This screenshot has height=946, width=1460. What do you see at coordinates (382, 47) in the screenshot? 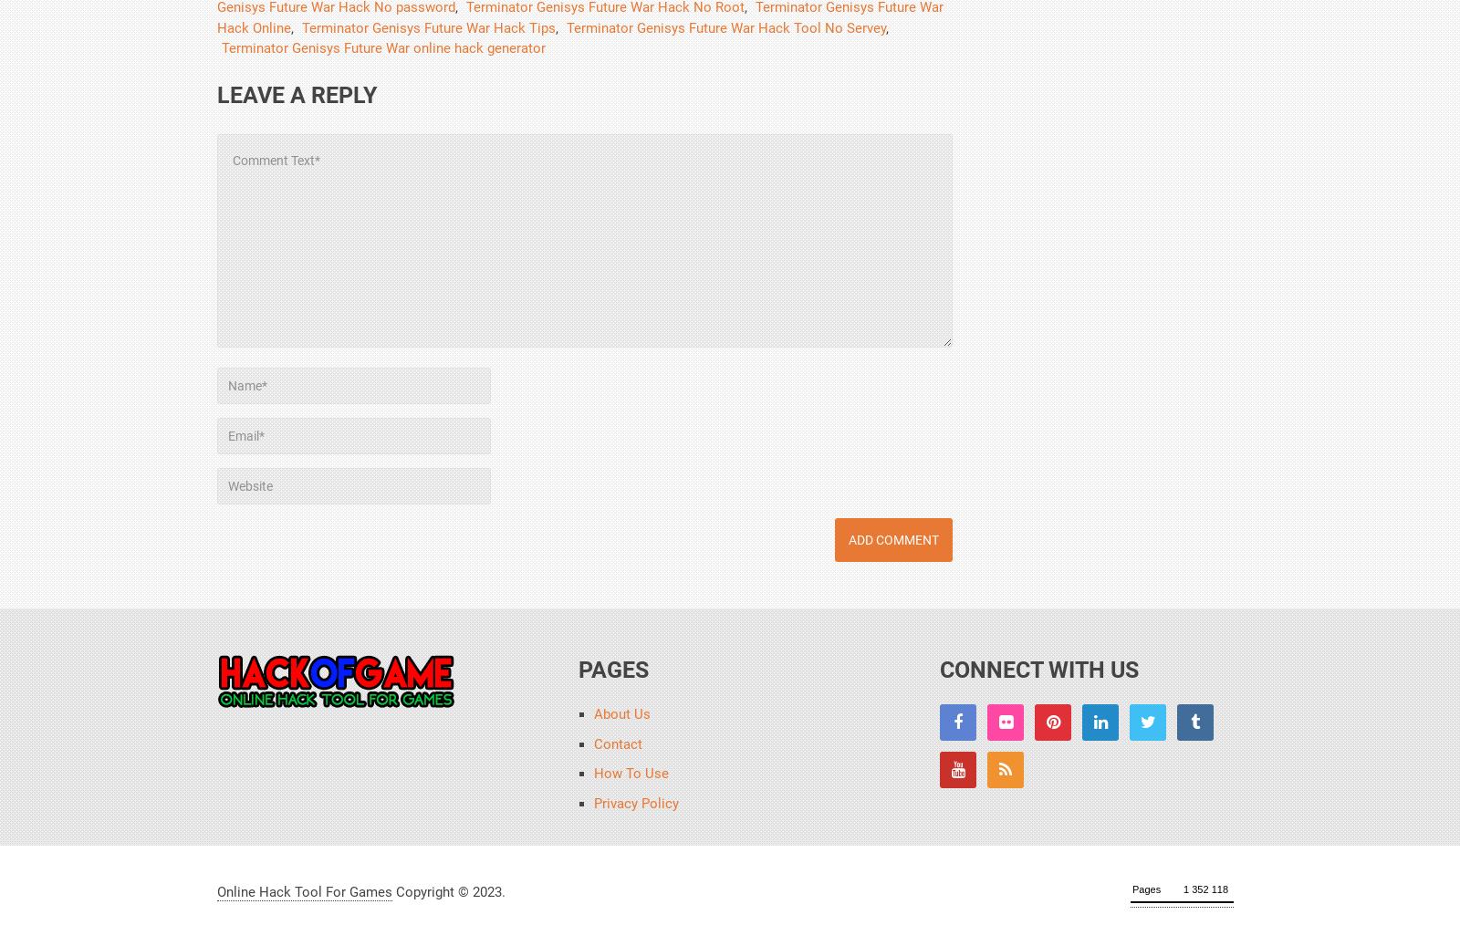
I see `'Terminator Genisys Future War online hack generator'` at bounding box center [382, 47].